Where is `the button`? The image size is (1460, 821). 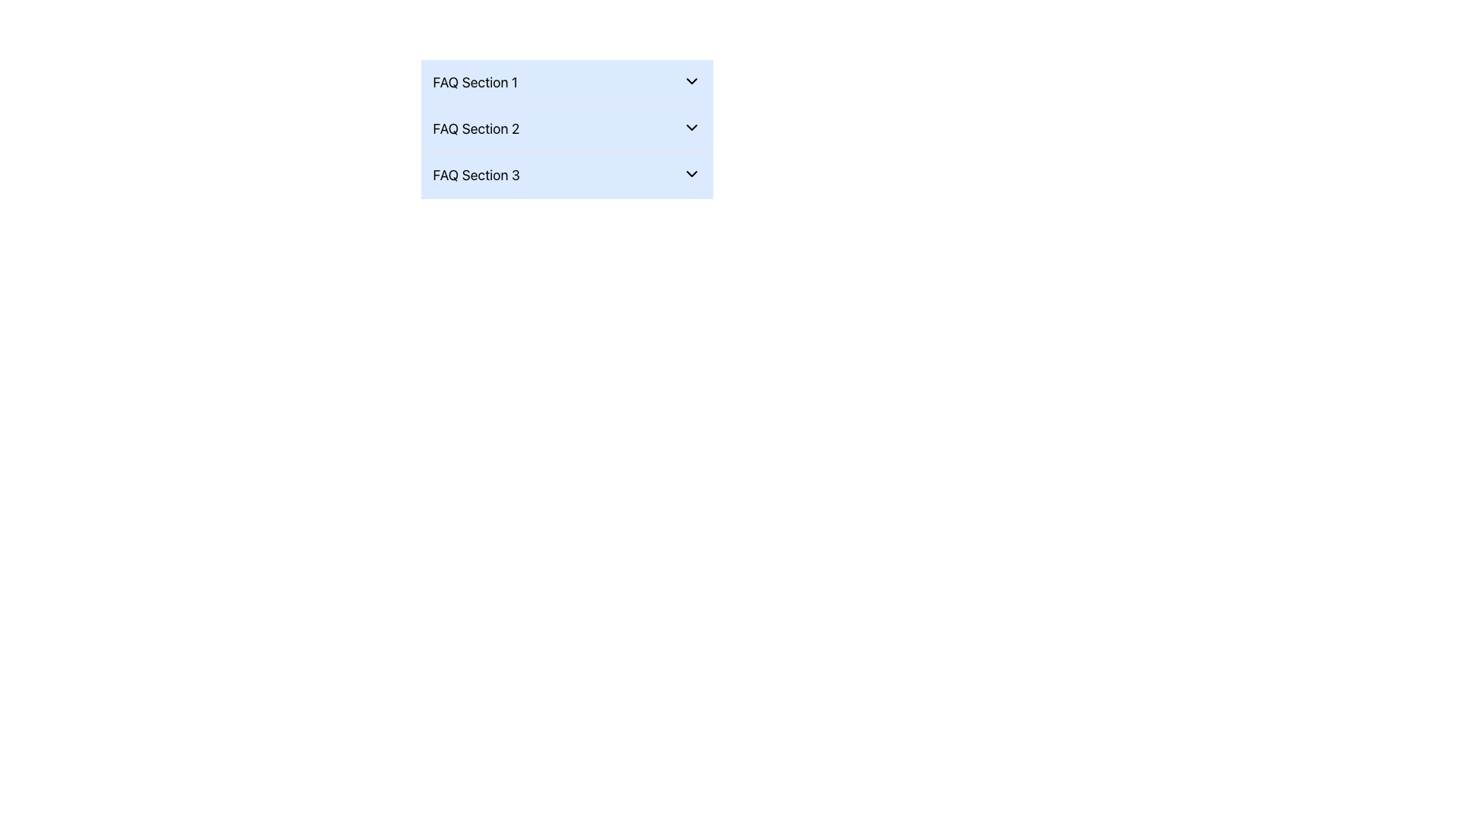
the button is located at coordinates (566, 128).